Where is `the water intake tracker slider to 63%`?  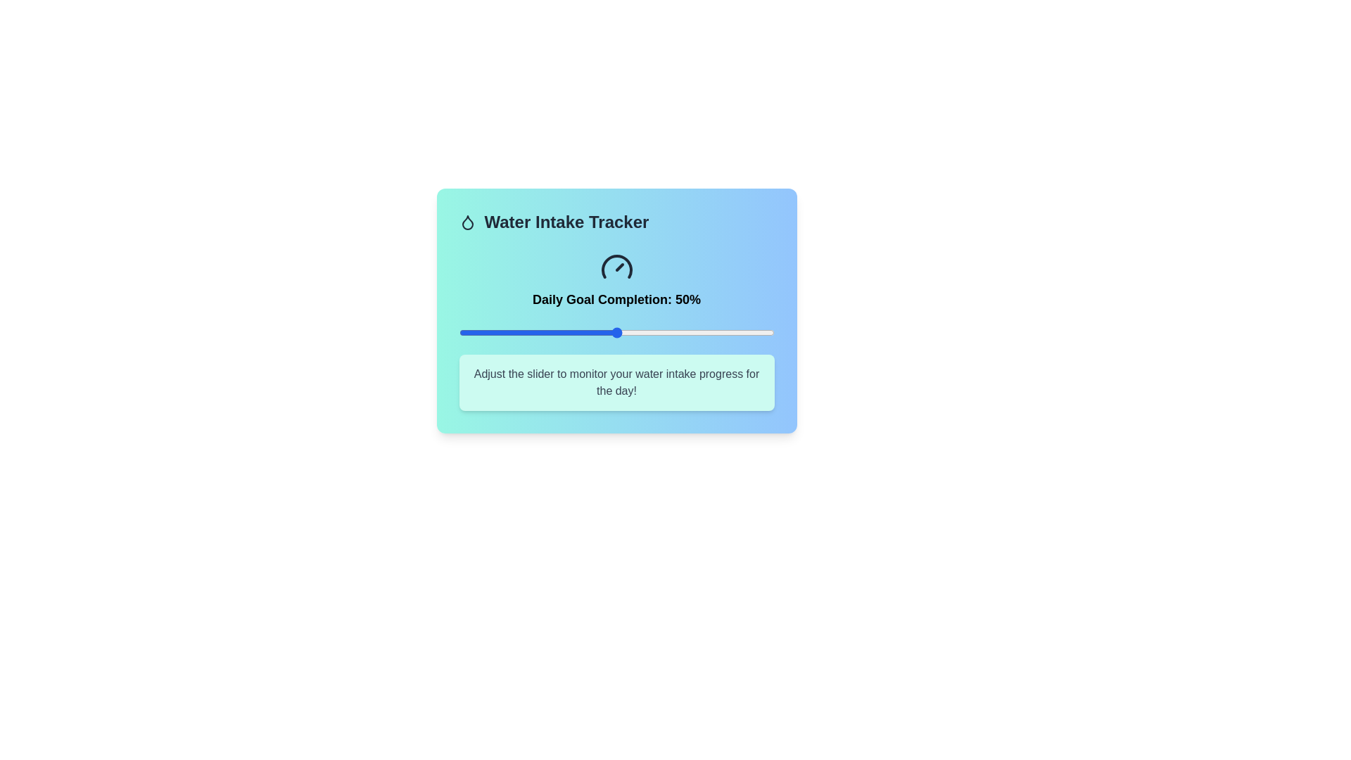
the water intake tracker slider to 63% is located at coordinates (657, 333).